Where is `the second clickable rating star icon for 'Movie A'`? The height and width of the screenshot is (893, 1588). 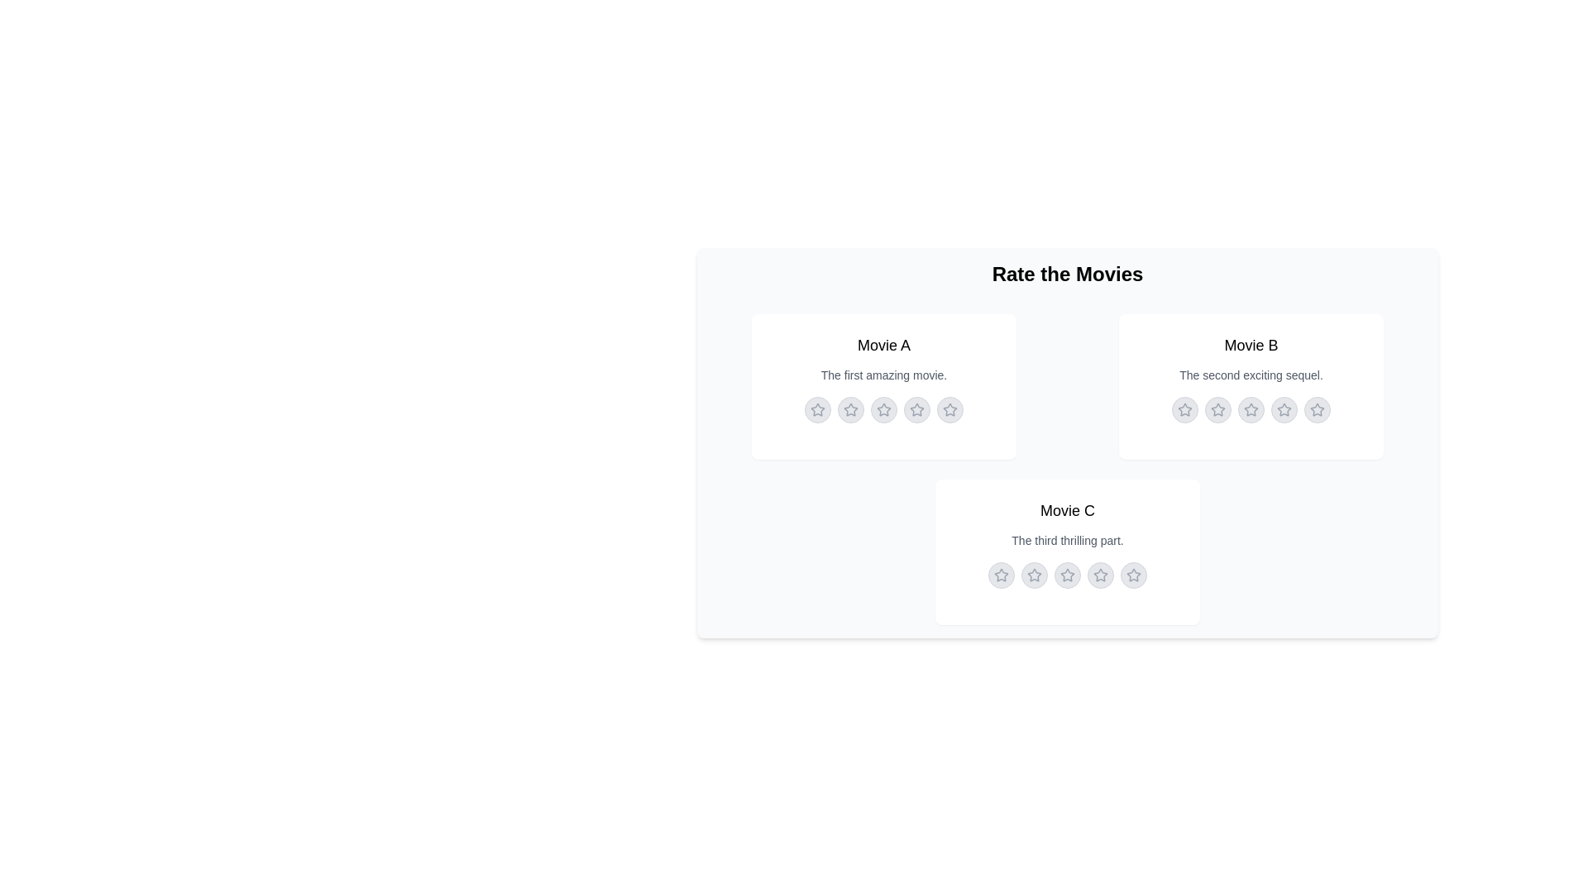 the second clickable rating star icon for 'Movie A' is located at coordinates (849, 409).